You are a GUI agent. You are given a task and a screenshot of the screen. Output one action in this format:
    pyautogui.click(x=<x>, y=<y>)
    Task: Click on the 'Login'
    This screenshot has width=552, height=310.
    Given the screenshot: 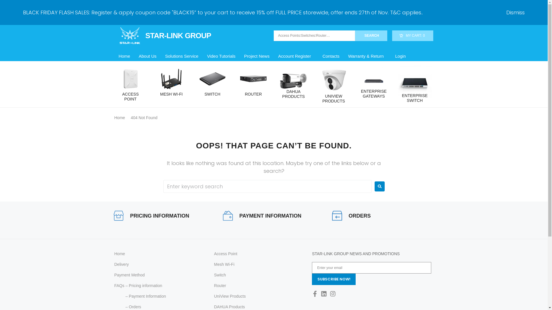 What is the action you would take?
    pyautogui.click(x=400, y=56)
    